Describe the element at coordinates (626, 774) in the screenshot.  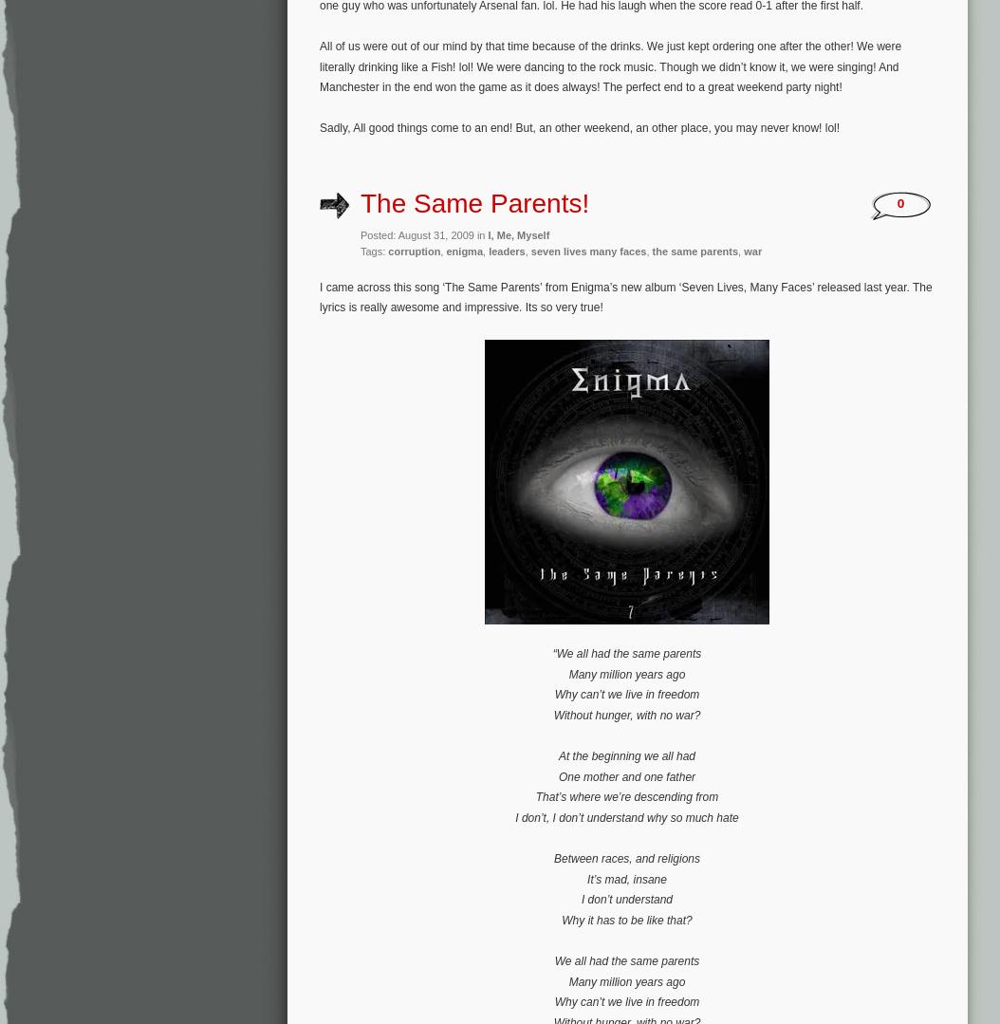
I see `'One mother and one father'` at that location.